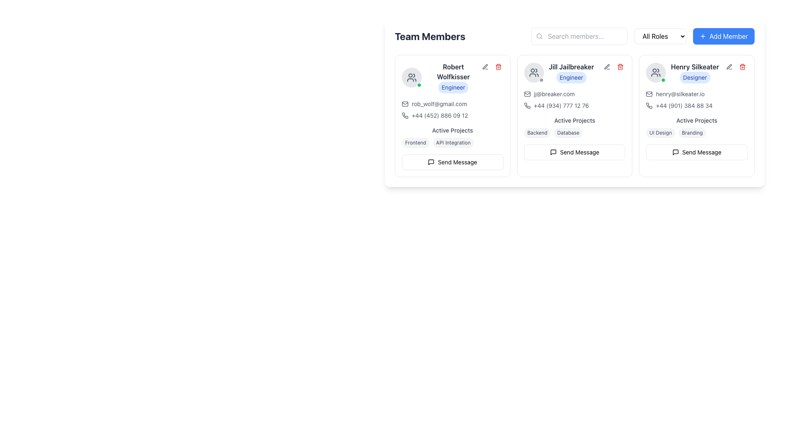  Describe the element at coordinates (571, 72) in the screenshot. I see `text label displaying the name and role of the team member located on the second profile card from the left in the 'Team Members' section, positioned just below the profile icon` at that location.